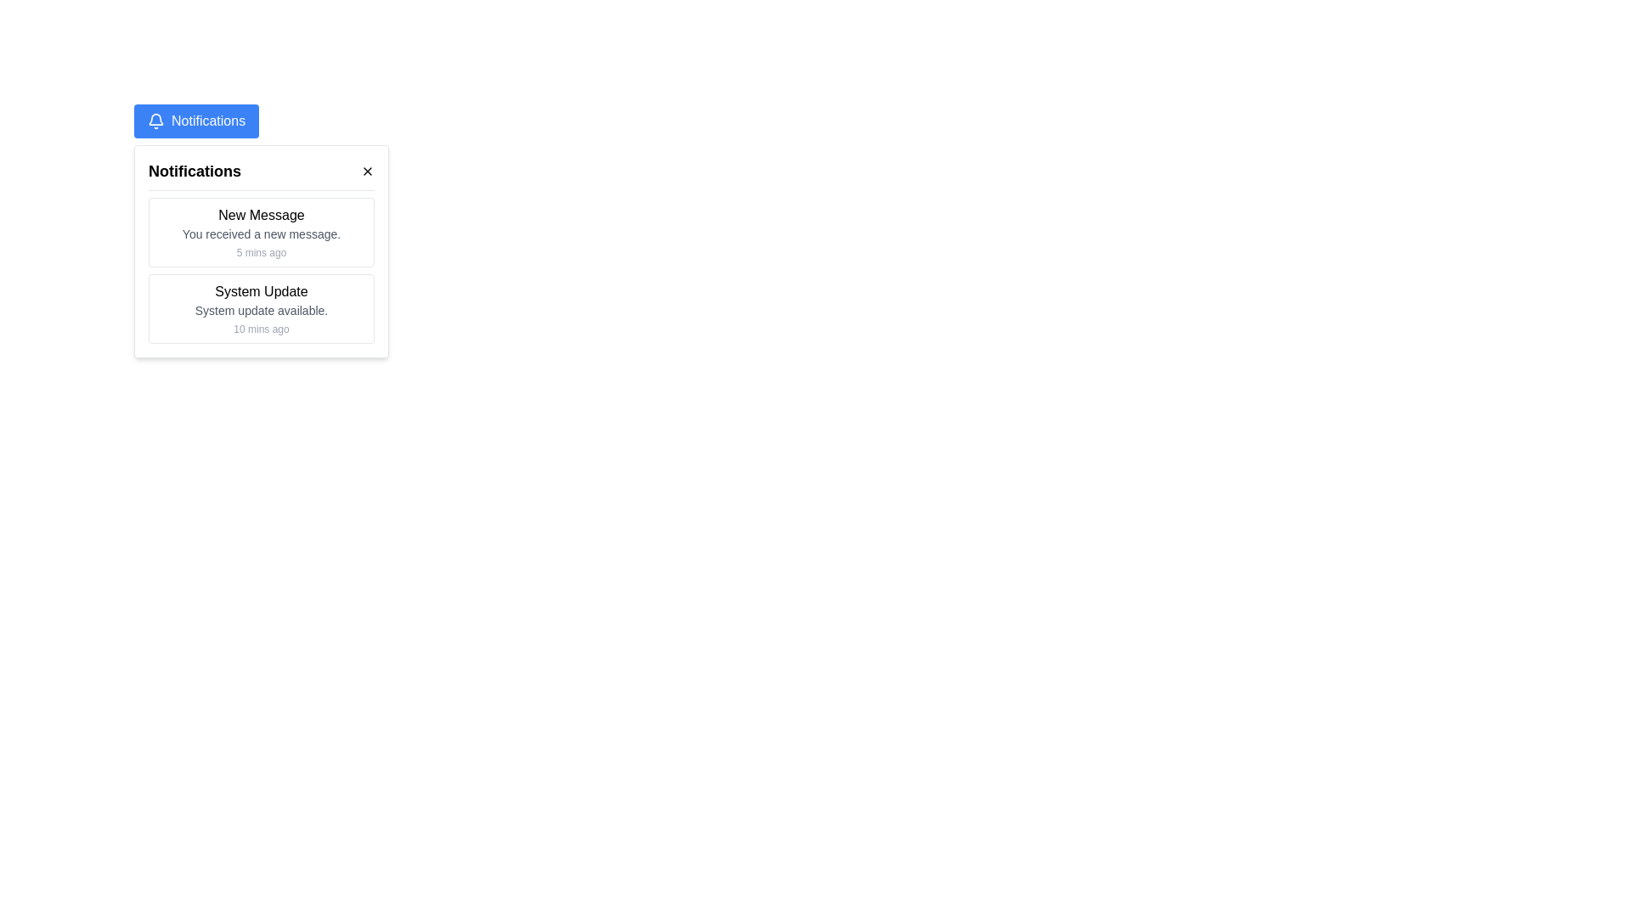 This screenshot has width=1631, height=917. I want to click on the 'Notifications' text label on the blue button, so click(207, 120).